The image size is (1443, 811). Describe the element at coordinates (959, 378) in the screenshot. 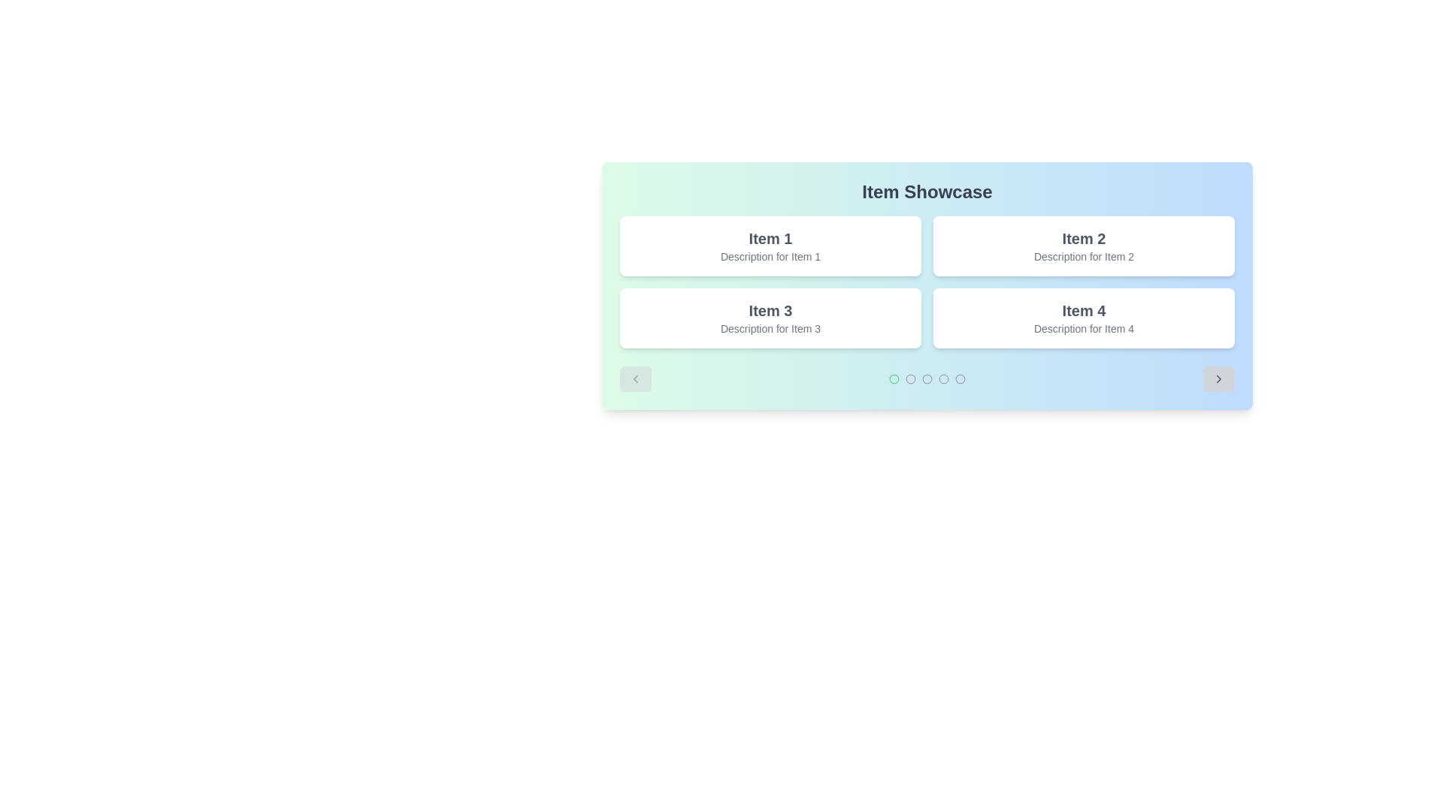

I see `the fifth navigation indicator at the bottom center of the content showcase area` at that location.